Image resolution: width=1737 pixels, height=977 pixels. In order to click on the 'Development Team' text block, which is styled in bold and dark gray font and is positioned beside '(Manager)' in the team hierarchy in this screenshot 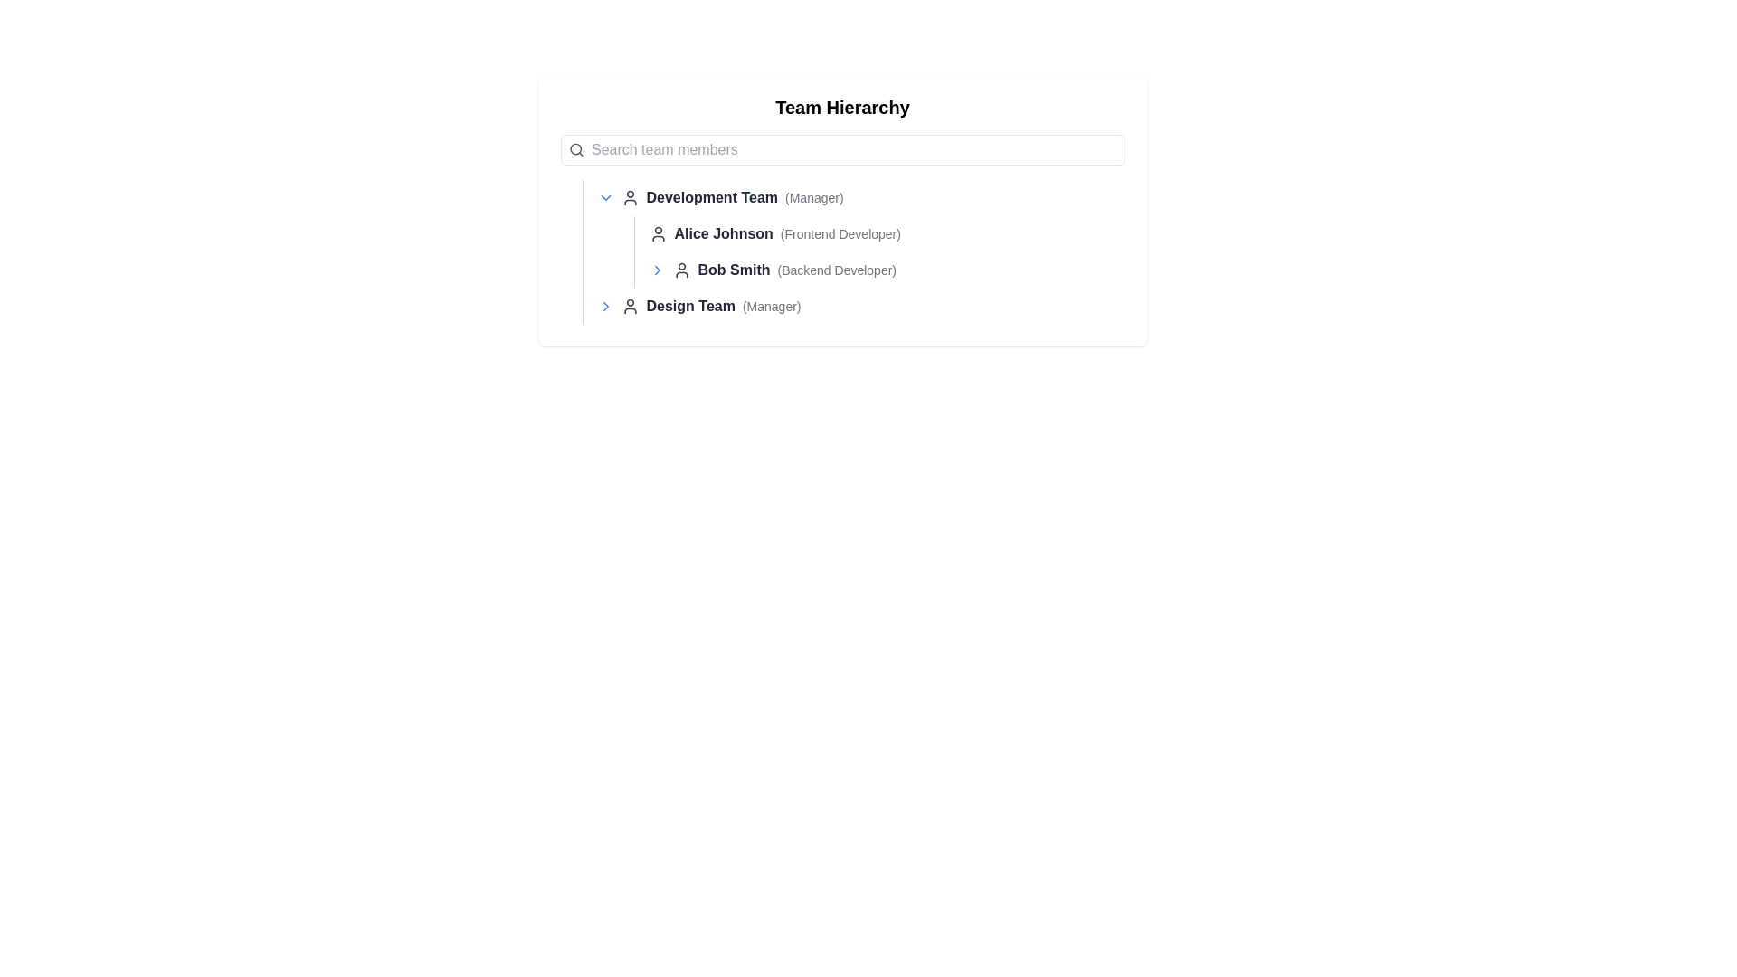, I will do `click(711, 198)`.